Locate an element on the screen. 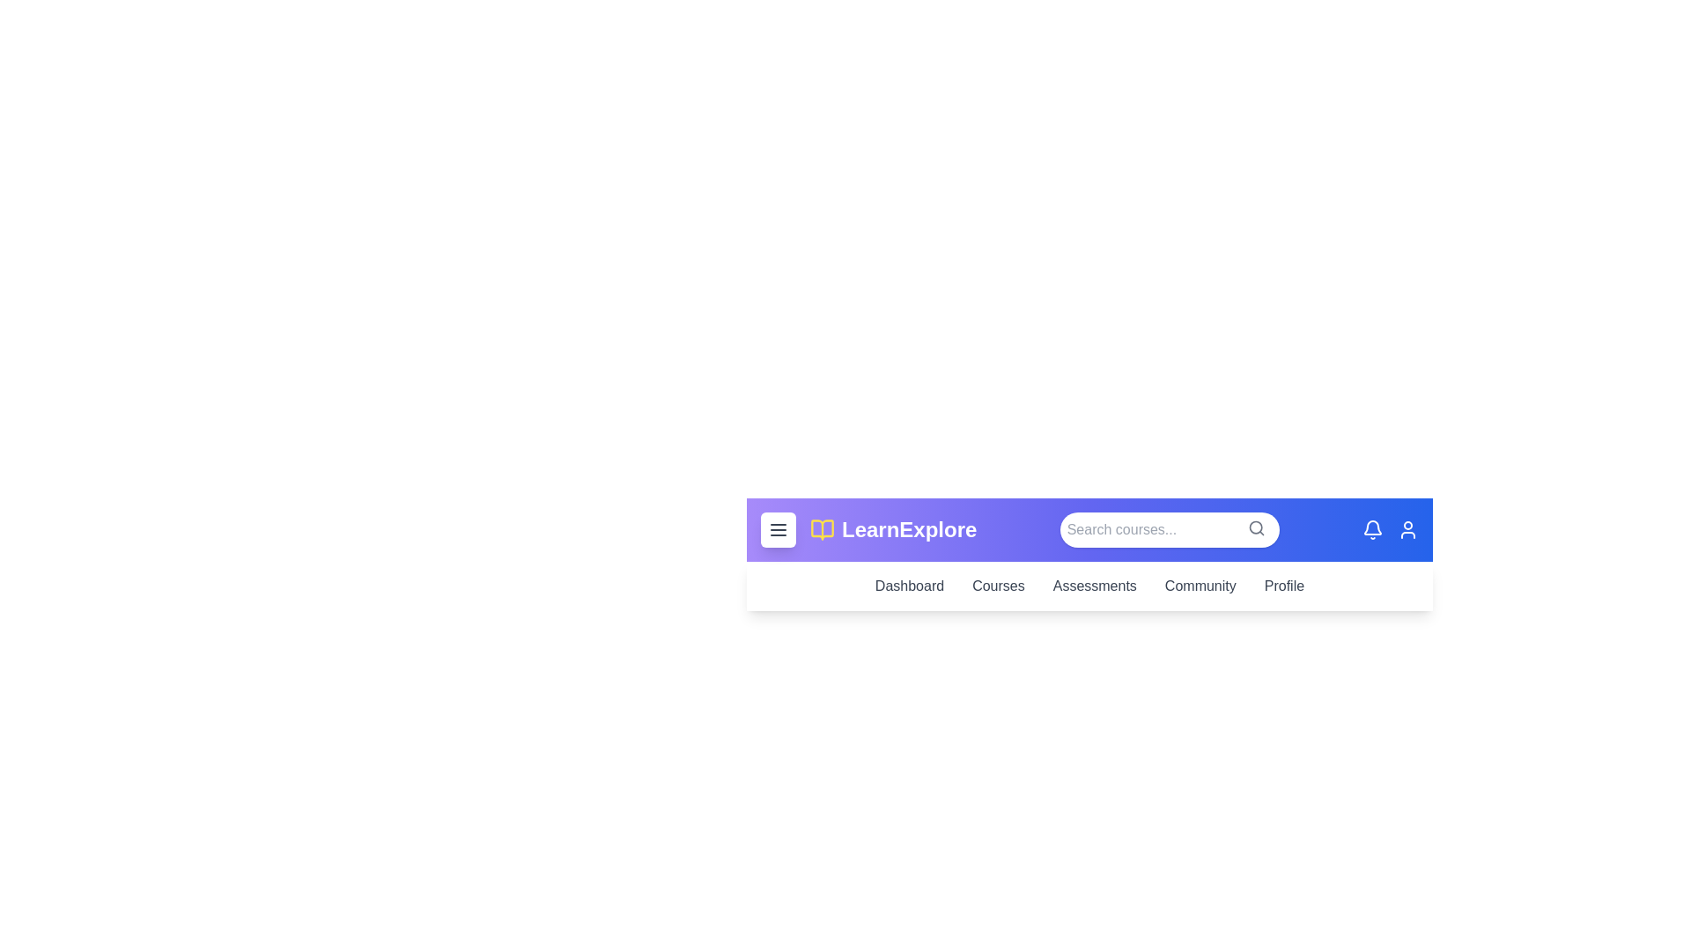 This screenshot has width=1691, height=951. the Courses link in the navigation bar to navigate to the corresponding section is located at coordinates (997, 586).